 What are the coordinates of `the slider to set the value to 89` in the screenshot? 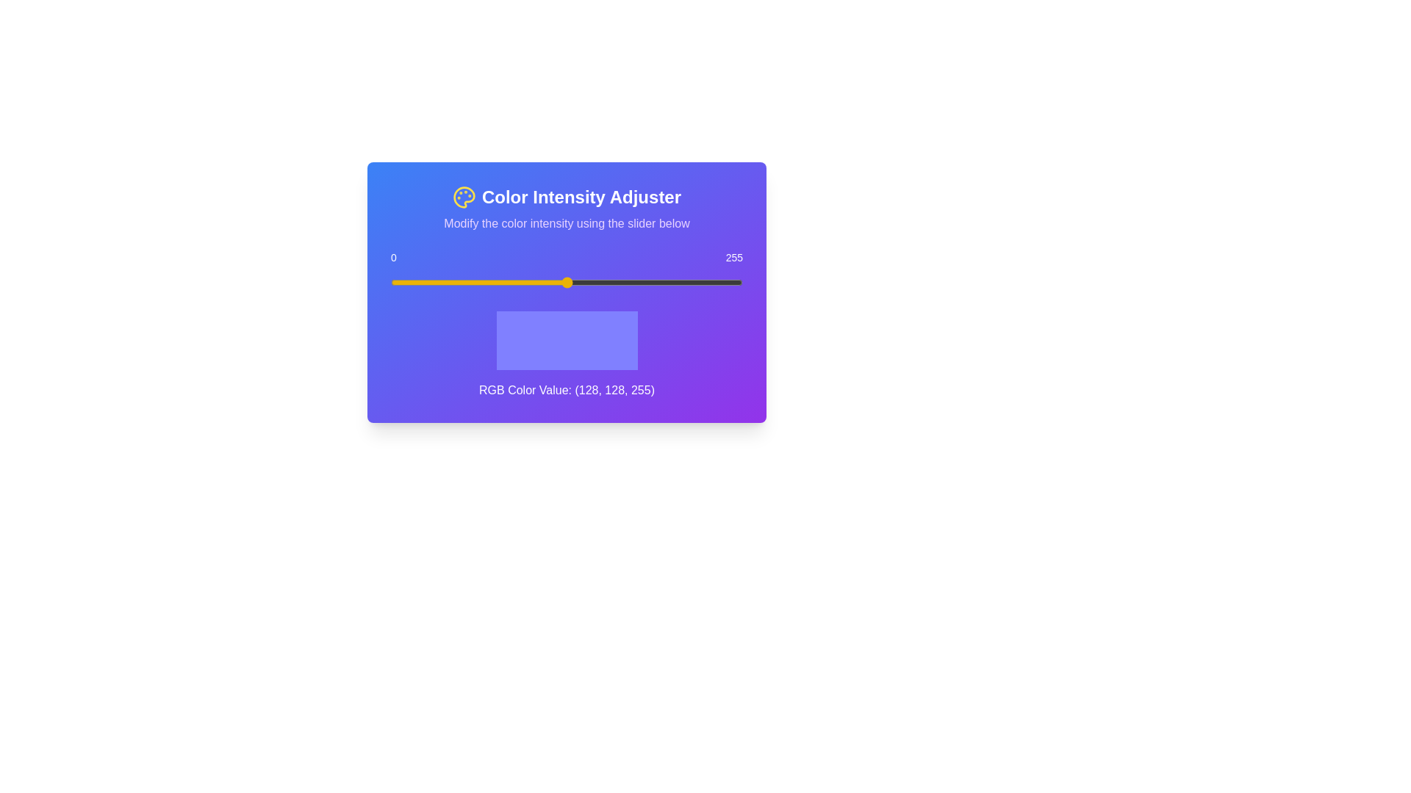 It's located at (514, 283).